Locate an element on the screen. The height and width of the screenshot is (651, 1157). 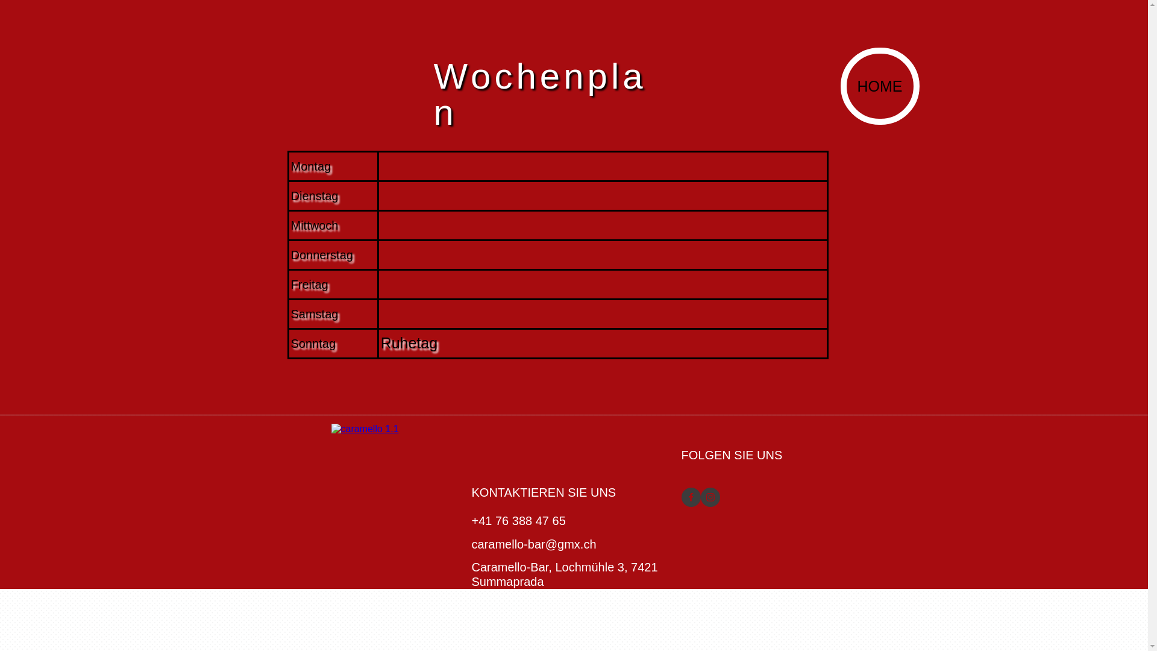
'+41 76 388 47 65' is located at coordinates (518, 520).